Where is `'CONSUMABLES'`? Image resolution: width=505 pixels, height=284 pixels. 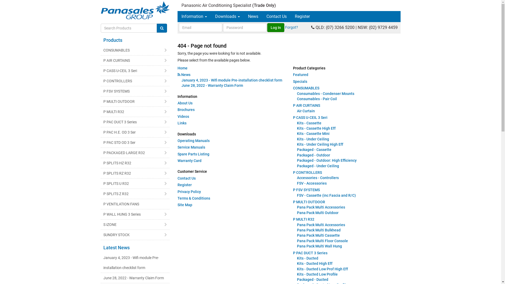 'CONSUMABLES' is located at coordinates (306, 88).